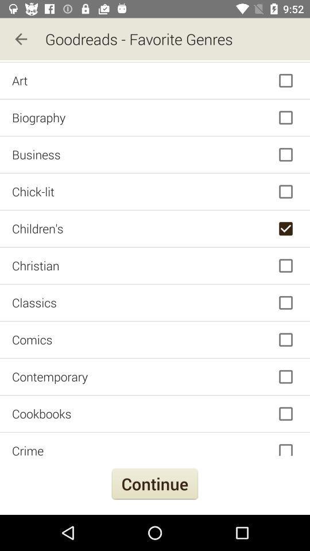 This screenshot has width=310, height=551. What do you see at coordinates (21, 39) in the screenshot?
I see `the icon to the left of the goodreads - favorite genres` at bounding box center [21, 39].